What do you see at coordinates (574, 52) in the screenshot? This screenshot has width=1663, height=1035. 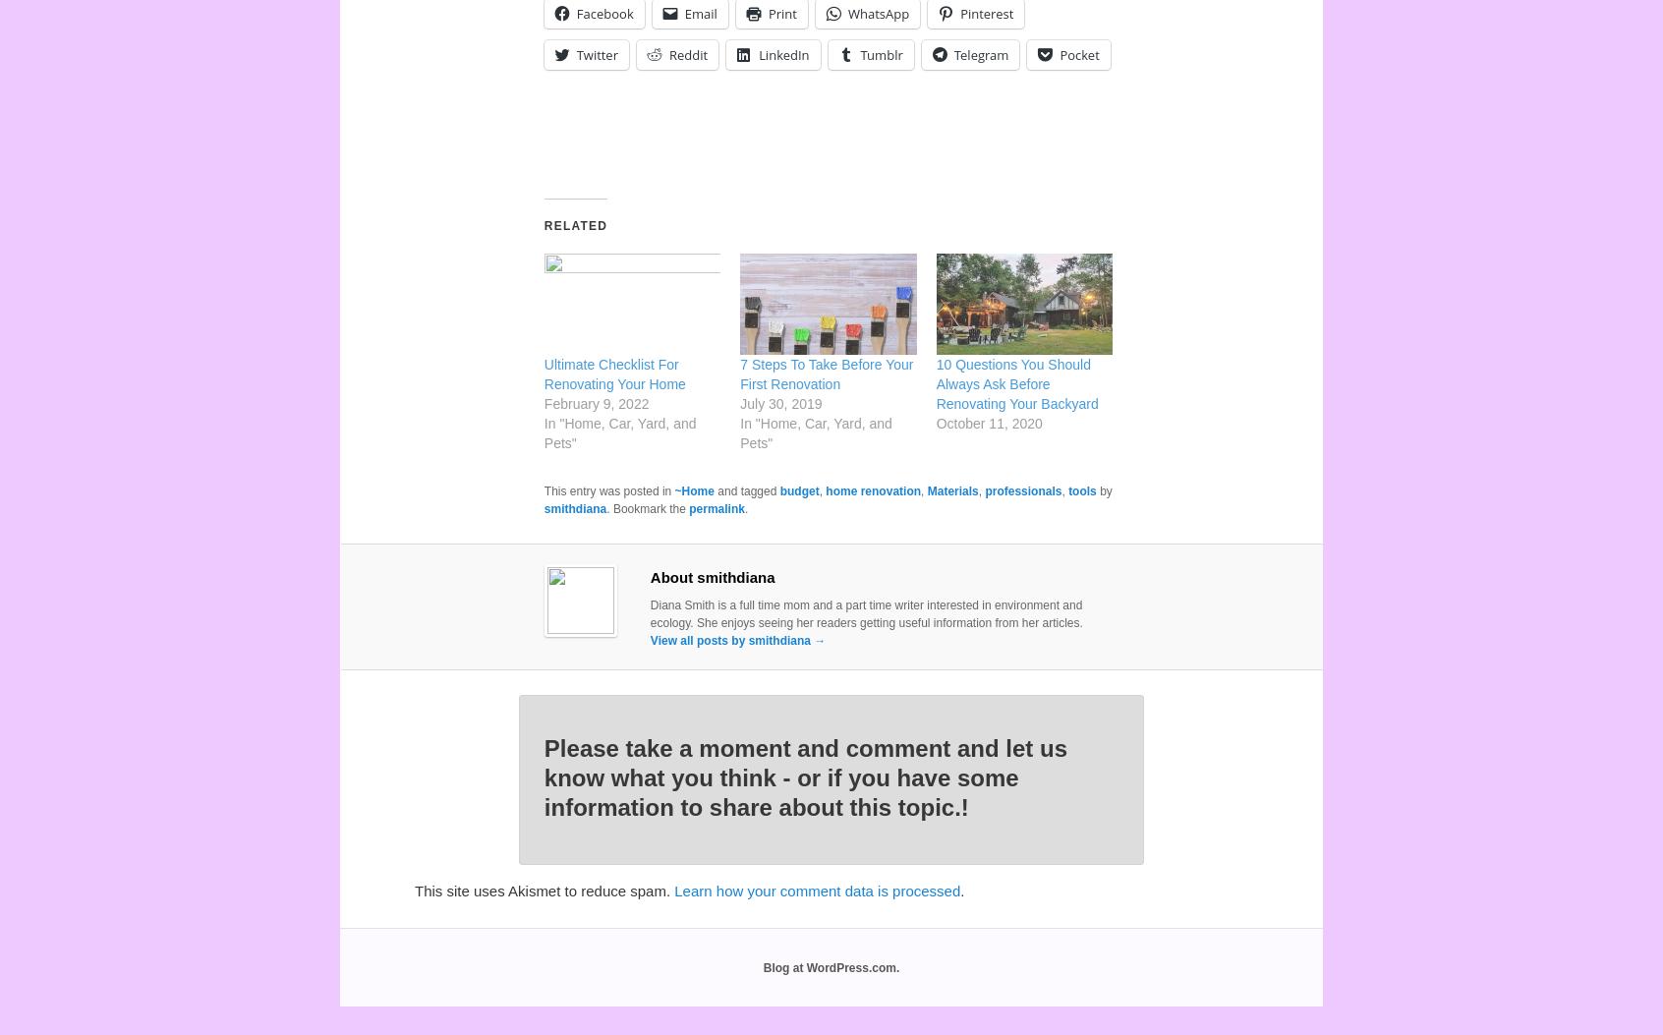 I see `'Twitter'` at bounding box center [574, 52].